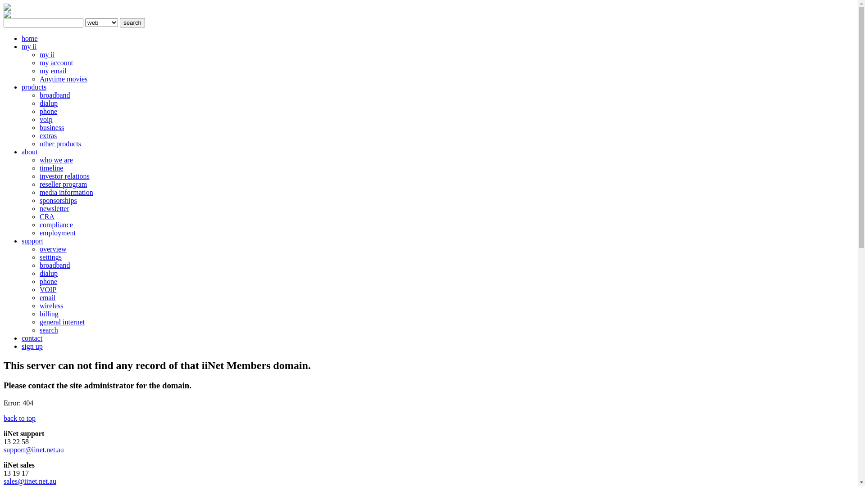 This screenshot has width=865, height=486. What do you see at coordinates (45, 119) in the screenshot?
I see `'voip'` at bounding box center [45, 119].